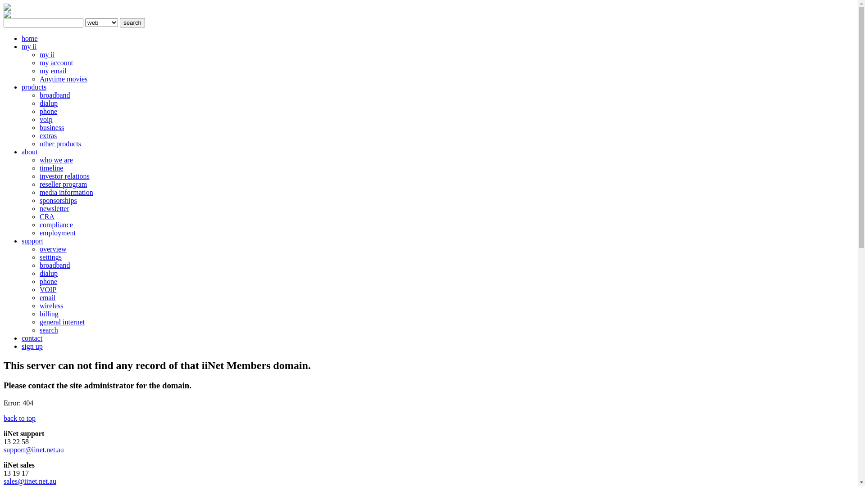 This screenshot has width=865, height=486. What do you see at coordinates (45, 119) in the screenshot?
I see `'voip'` at bounding box center [45, 119].